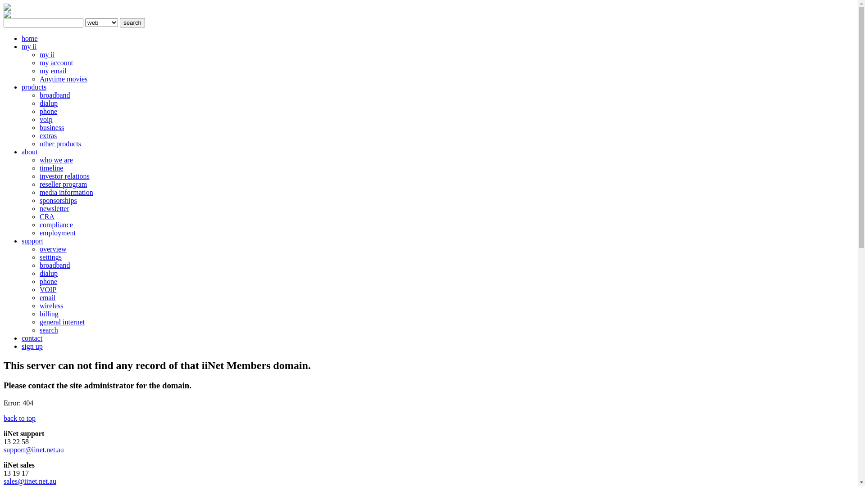 This screenshot has width=865, height=486. What do you see at coordinates (45, 119) in the screenshot?
I see `'voip'` at bounding box center [45, 119].